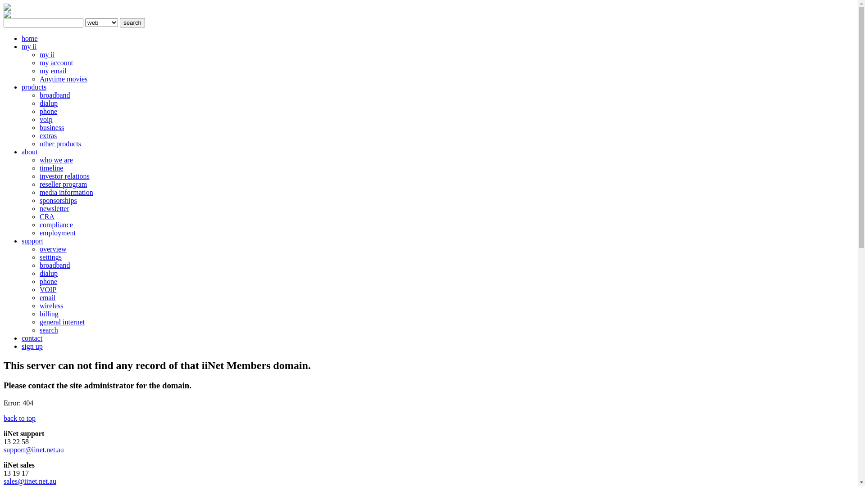 This screenshot has width=865, height=486. What do you see at coordinates (45, 119) in the screenshot?
I see `'voip'` at bounding box center [45, 119].